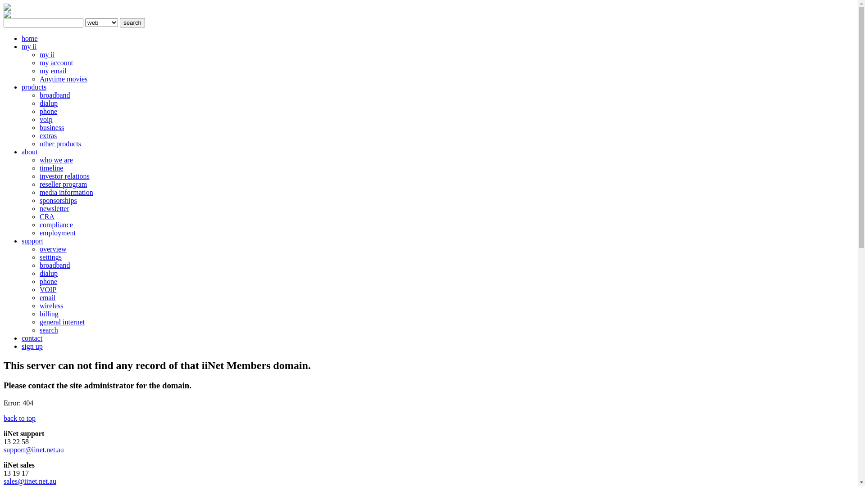 This screenshot has width=865, height=486. What do you see at coordinates (45, 119) in the screenshot?
I see `'voip'` at bounding box center [45, 119].